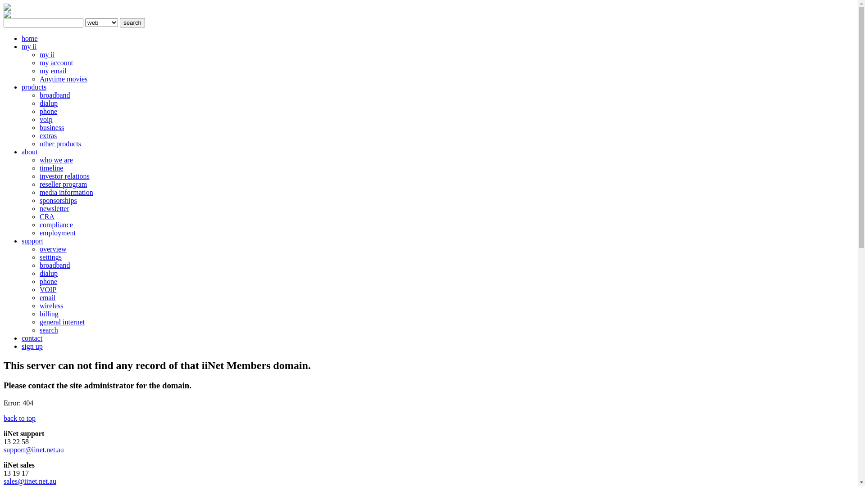 This screenshot has width=865, height=486. What do you see at coordinates (45, 119) in the screenshot?
I see `'voip'` at bounding box center [45, 119].